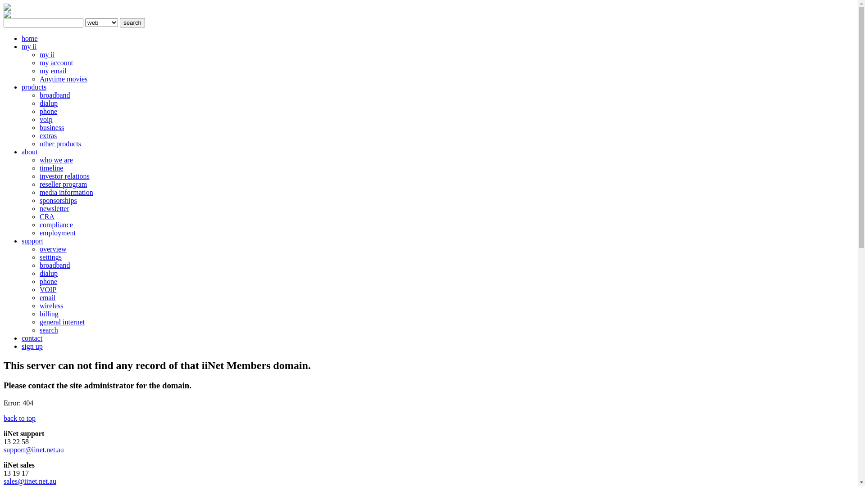 This screenshot has width=865, height=486. What do you see at coordinates (45, 119) in the screenshot?
I see `'voip'` at bounding box center [45, 119].